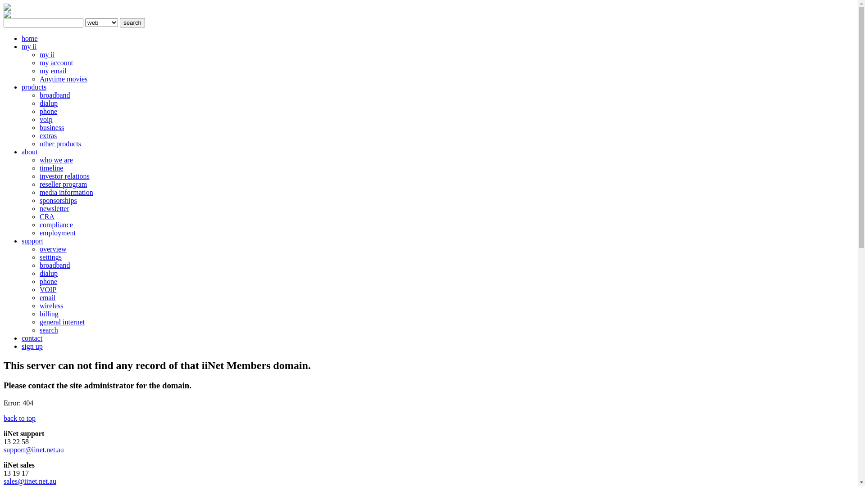 This screenshot has width=865, height=486. What do you see at coordinates (45, 119) in the screenshot?
I see `'voip'` at bounding box center [45, 119].